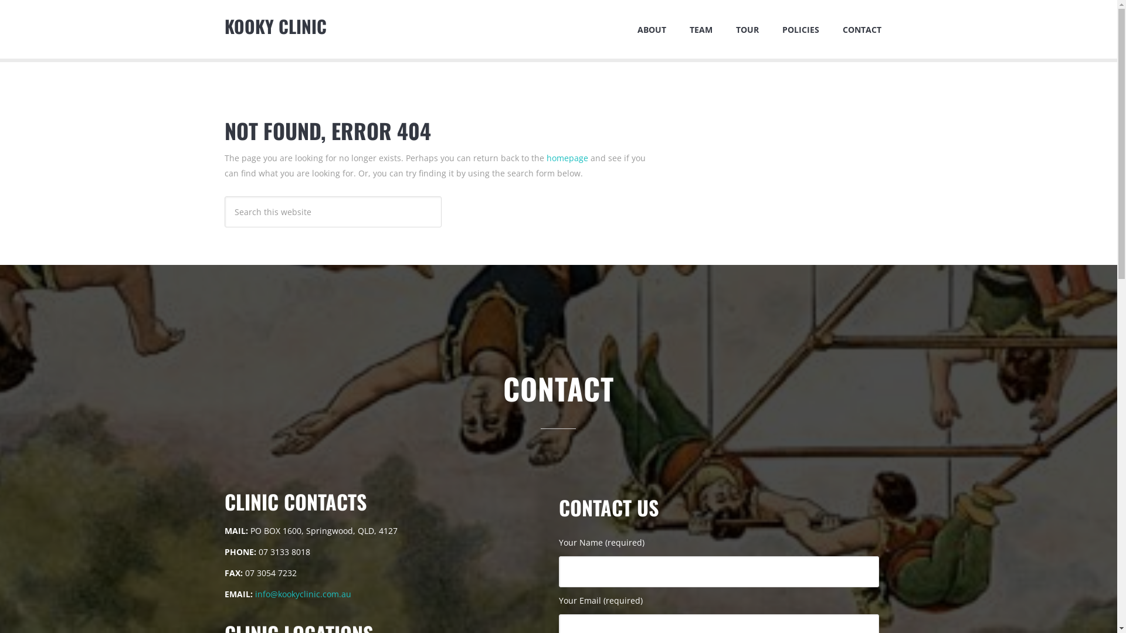 The width and height of the screenshot is (1126, 633). Describe the element at coordinates (800, 29) in the screenshot. I see `'POLICIES'` at that location.